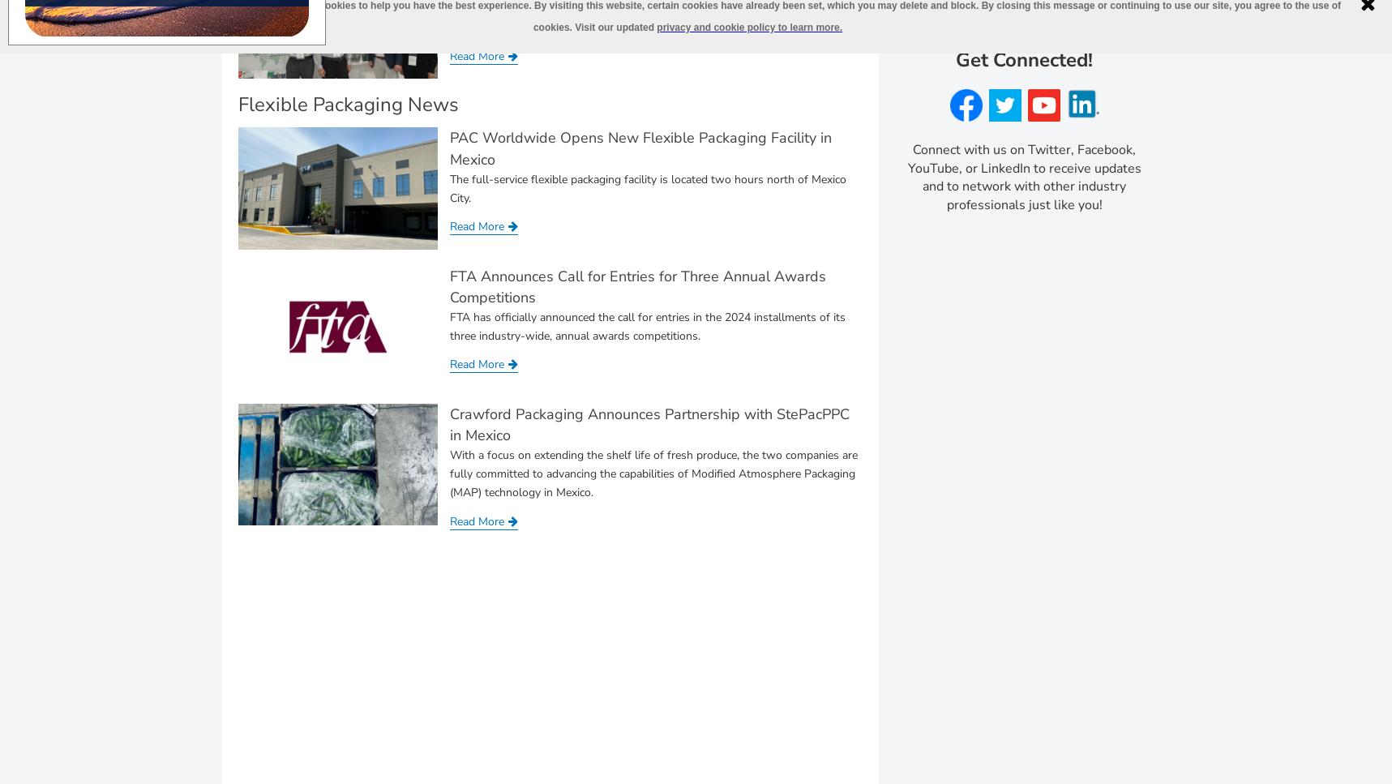 Image resolution: width=1392 pixels, height=784 pixels. Describe the element at coordinates (449, 187) in the screenshot. I see `'The full-service flexible packaging facility is located two hours north of Mexico City.'` at that location.